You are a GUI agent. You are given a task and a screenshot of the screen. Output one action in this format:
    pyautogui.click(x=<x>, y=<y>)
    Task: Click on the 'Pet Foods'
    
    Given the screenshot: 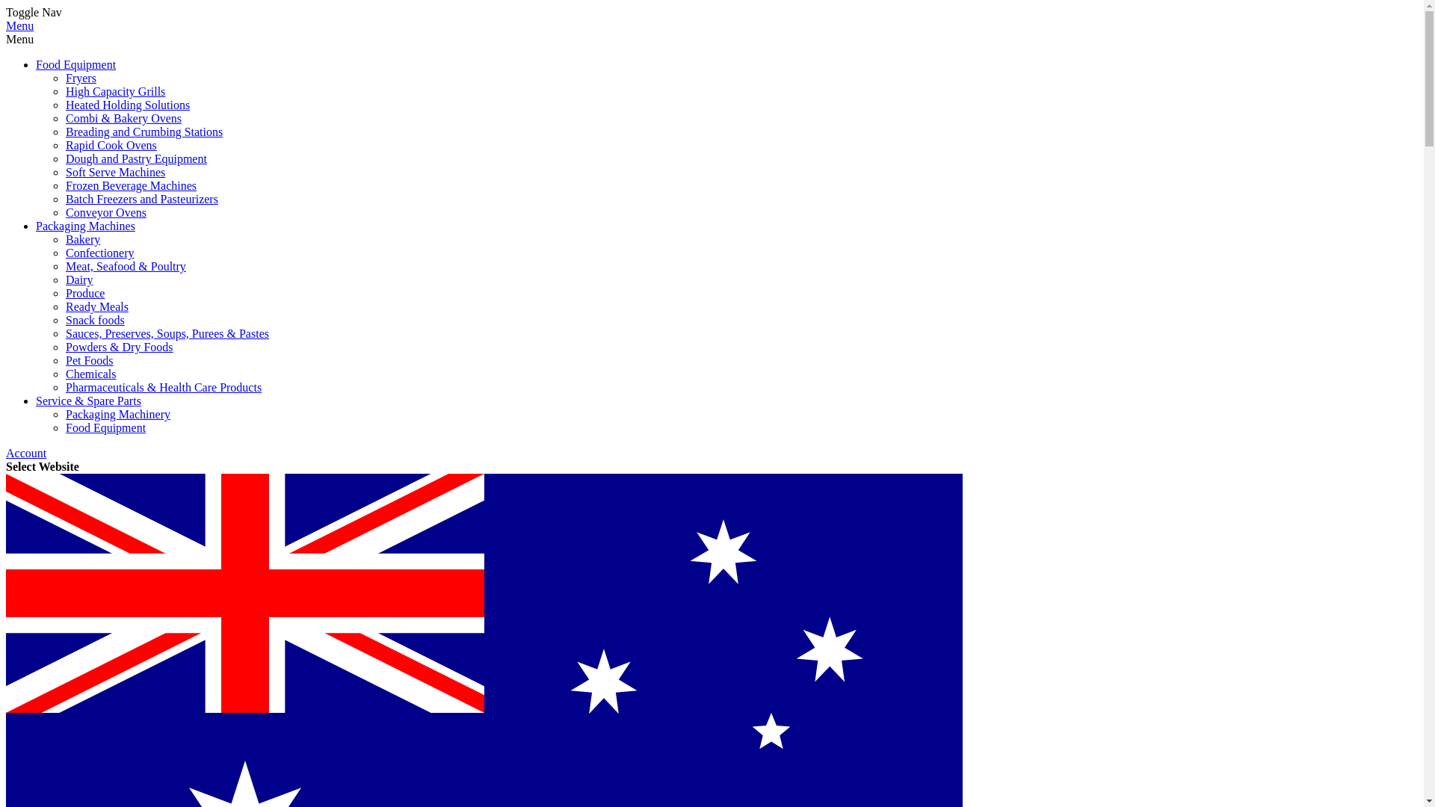 What is the action you would take?
    pyautogui.click(x=89, y=360)
    